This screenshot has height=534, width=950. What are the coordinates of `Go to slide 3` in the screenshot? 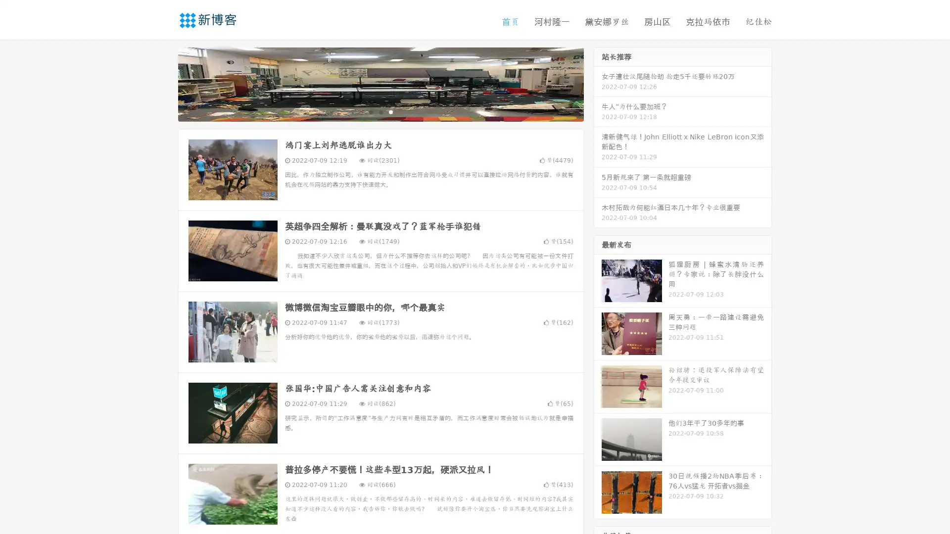 It's located at (390, 111).